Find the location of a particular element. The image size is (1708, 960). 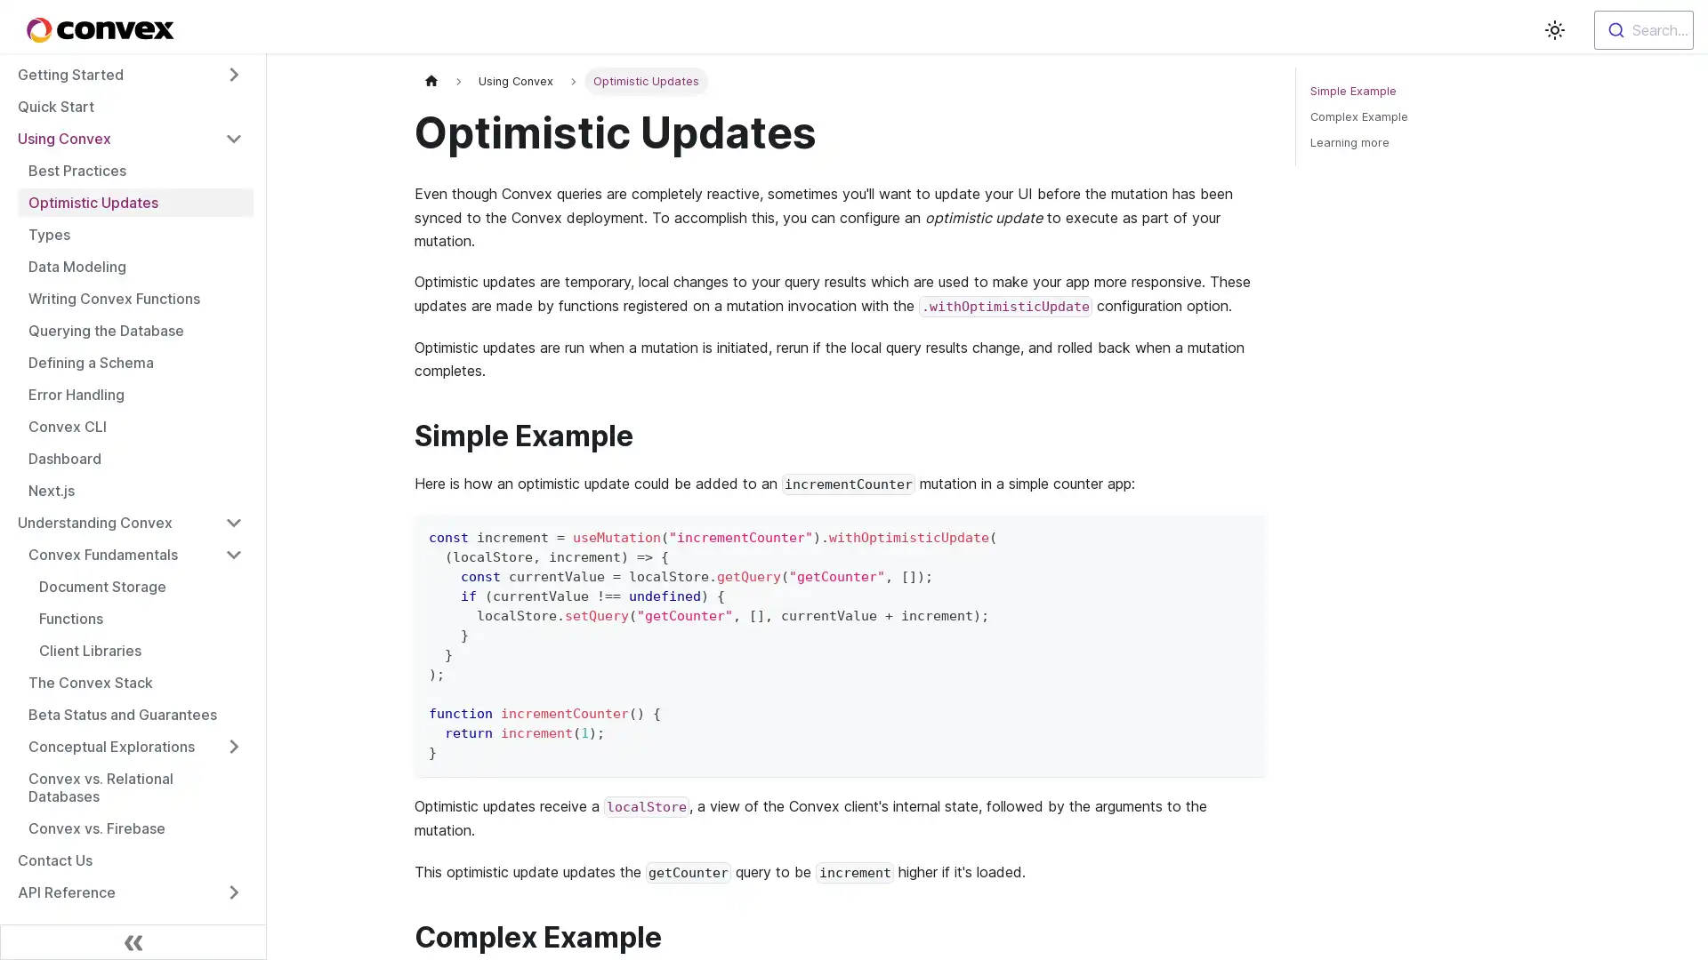

Copy code to clipboard is located at coordinates (1244, 533).